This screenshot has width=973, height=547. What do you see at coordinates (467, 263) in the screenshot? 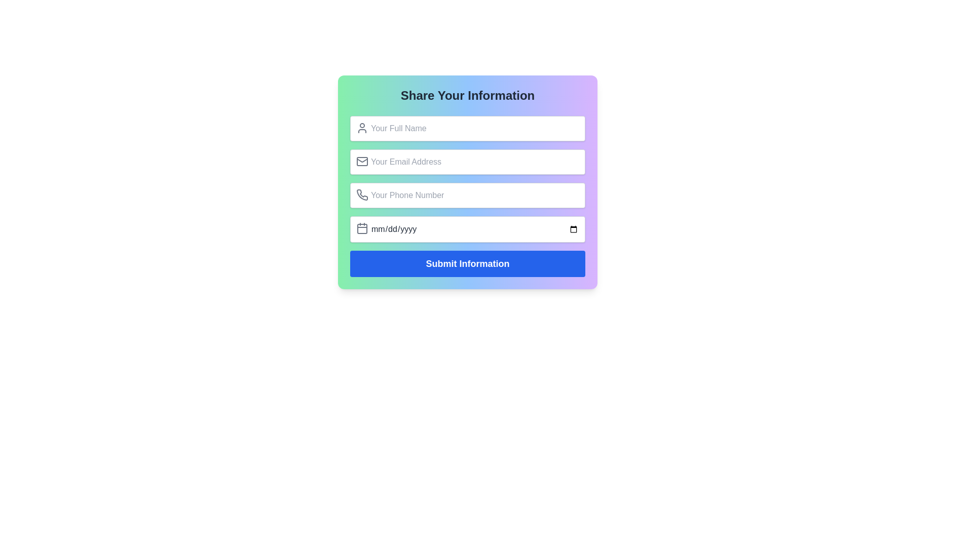
I see `the submission button located at the bottom of the form` at bounding box center [467, 263].